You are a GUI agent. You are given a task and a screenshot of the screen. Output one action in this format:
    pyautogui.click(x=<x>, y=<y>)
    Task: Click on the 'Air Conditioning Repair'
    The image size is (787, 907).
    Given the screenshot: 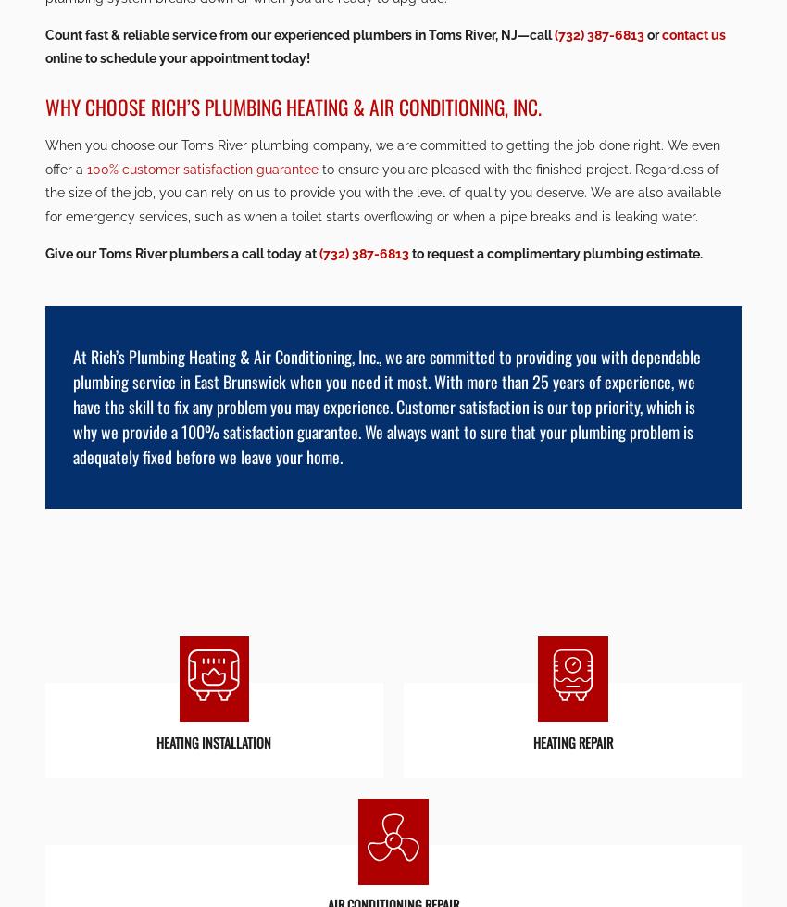 What is the action you would take?
    pyautogui.click(x=393, y=443)
    